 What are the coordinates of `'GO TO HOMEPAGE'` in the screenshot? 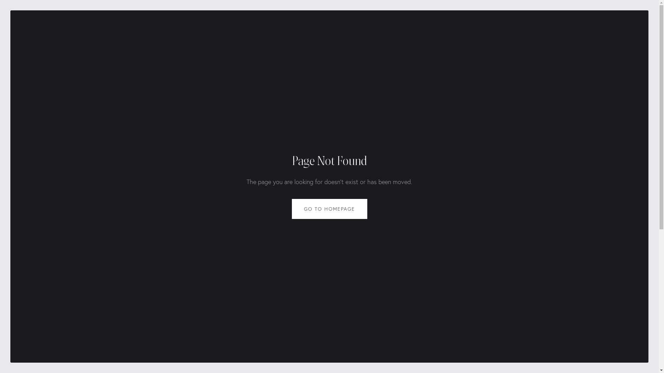 It's located at (329, 209).